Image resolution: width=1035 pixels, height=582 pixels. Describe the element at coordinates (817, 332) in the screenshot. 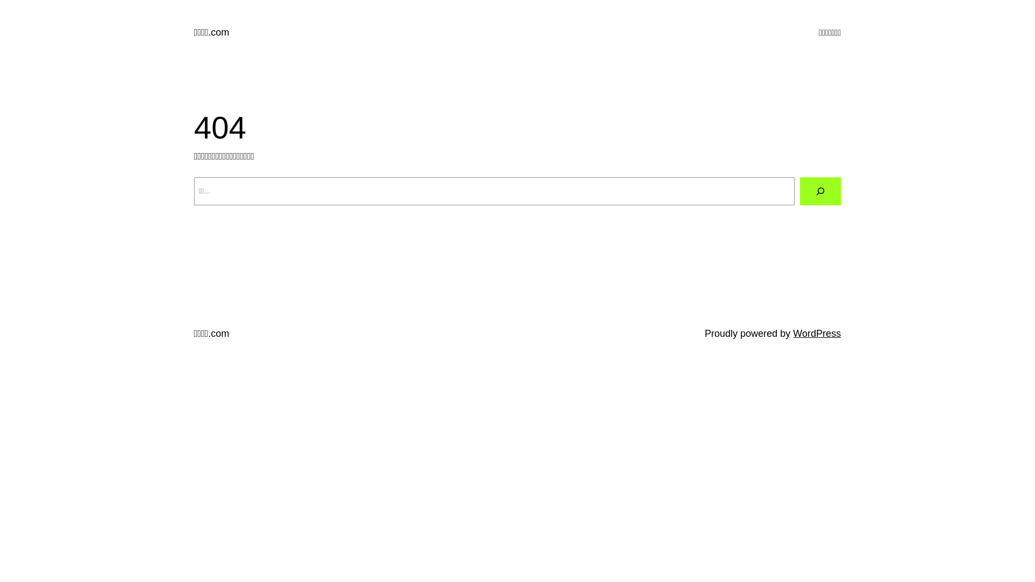

I see `'WordPress'` at that location.